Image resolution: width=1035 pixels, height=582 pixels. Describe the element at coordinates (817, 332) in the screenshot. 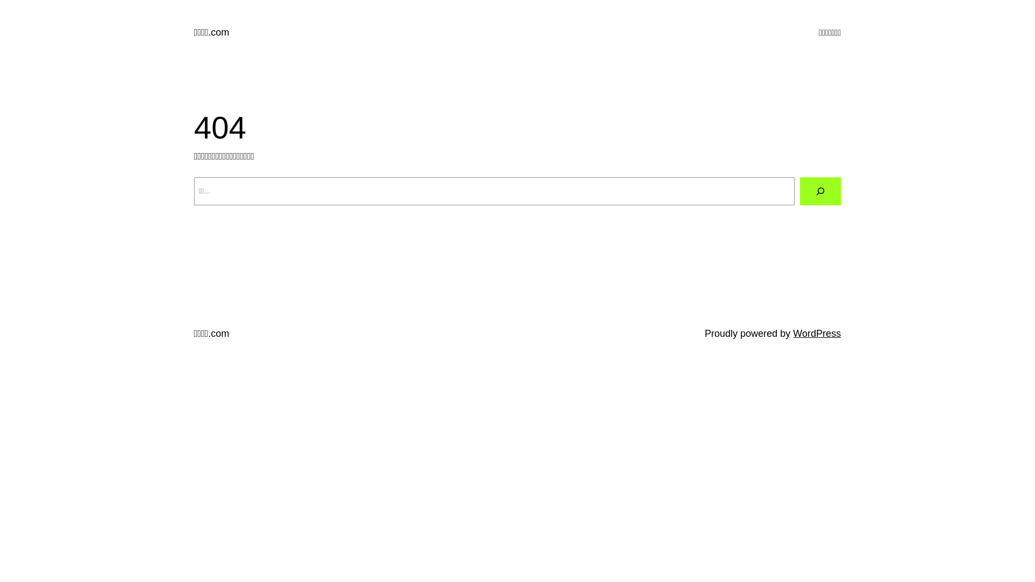

I see `'WordPress'` at that location.